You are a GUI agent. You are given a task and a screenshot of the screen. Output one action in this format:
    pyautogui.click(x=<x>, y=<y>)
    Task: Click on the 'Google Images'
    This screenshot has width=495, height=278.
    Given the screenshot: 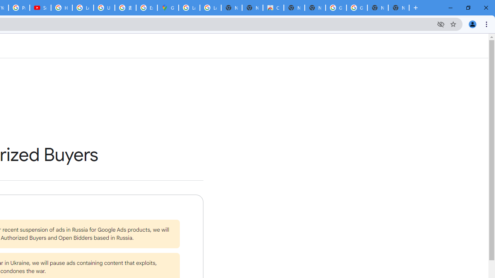 What is the action you would take?
    pyautogui.click(x=356, y=8)
    